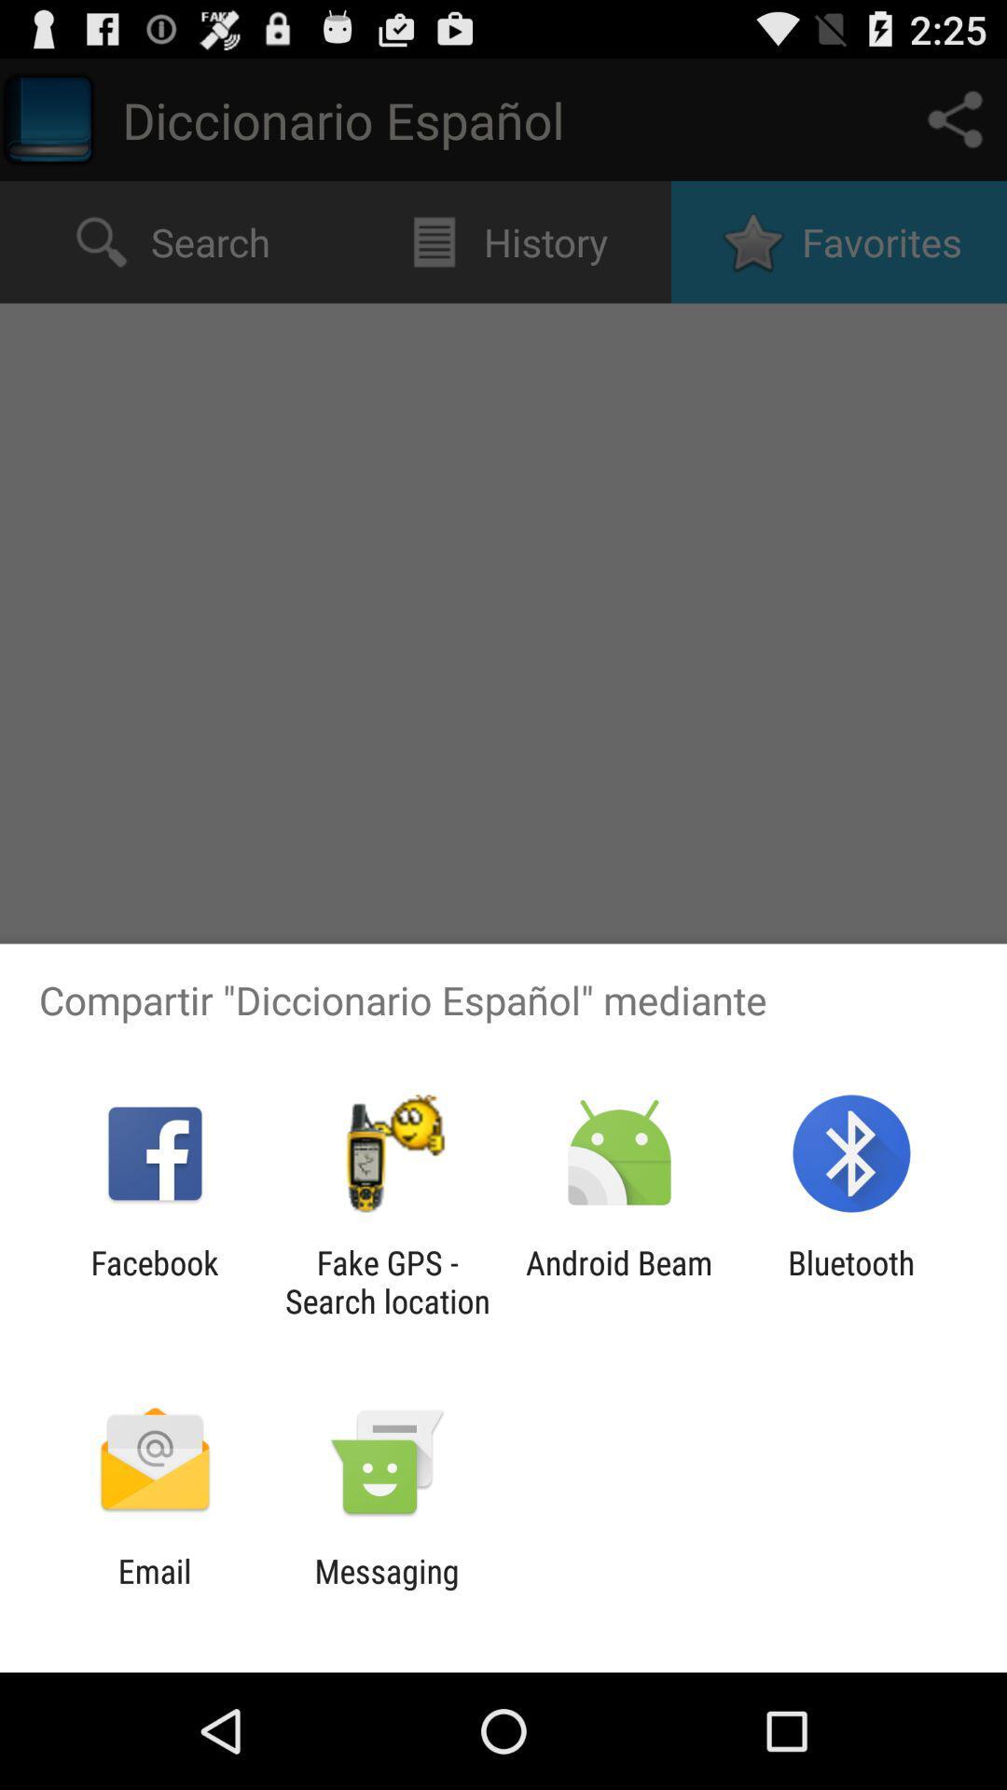 The image size is (1007, 1790). Describe the element at coordinates (154, 1281) in the screenshot. I see `the facebook icon` at that location.